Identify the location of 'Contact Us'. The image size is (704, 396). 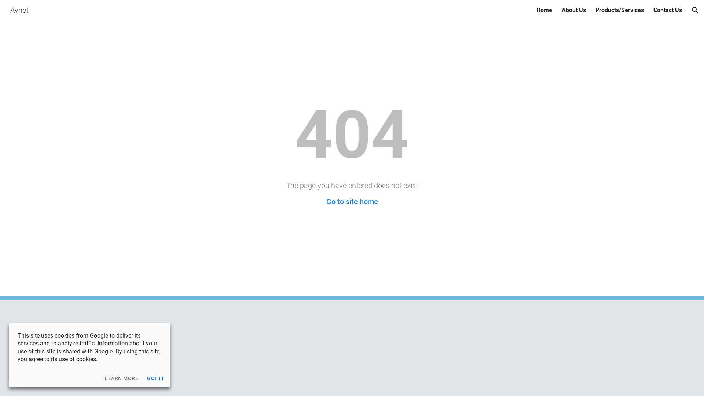
(667, 10).